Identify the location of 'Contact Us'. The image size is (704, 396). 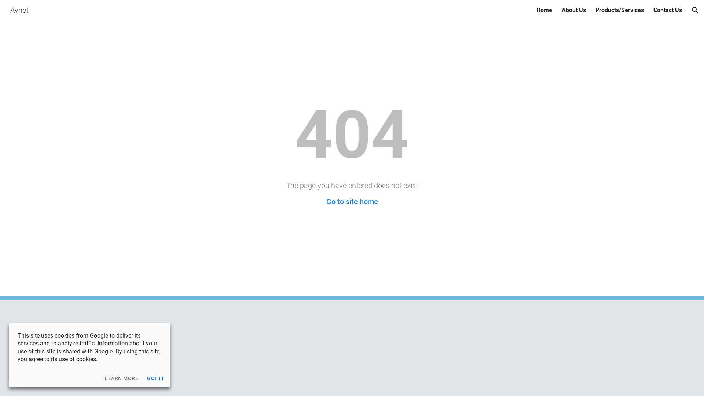
(667, 10).